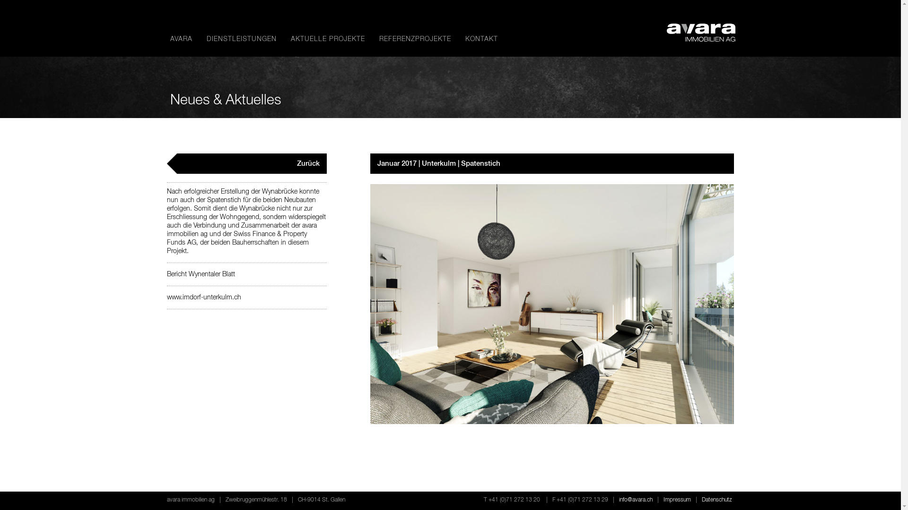  What do you see at coordinates (181, 39) in the screenshot?
I see `'AVARA'` at bounding box center [181, 39].